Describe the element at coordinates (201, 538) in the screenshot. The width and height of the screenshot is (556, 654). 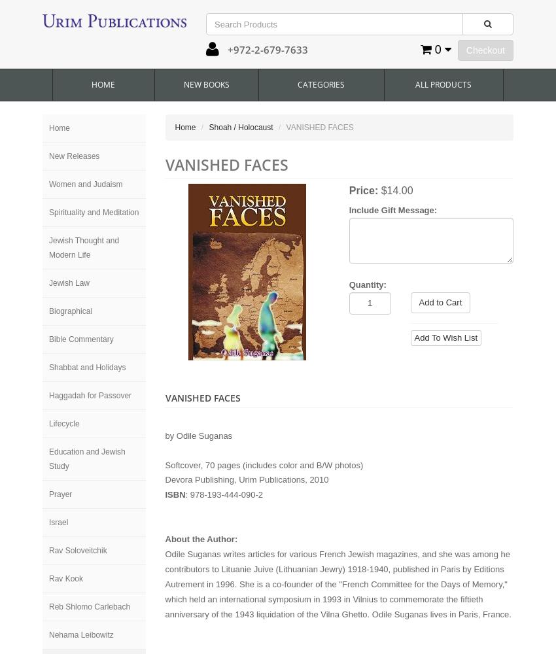
I see `'About the Author:'` at that location.